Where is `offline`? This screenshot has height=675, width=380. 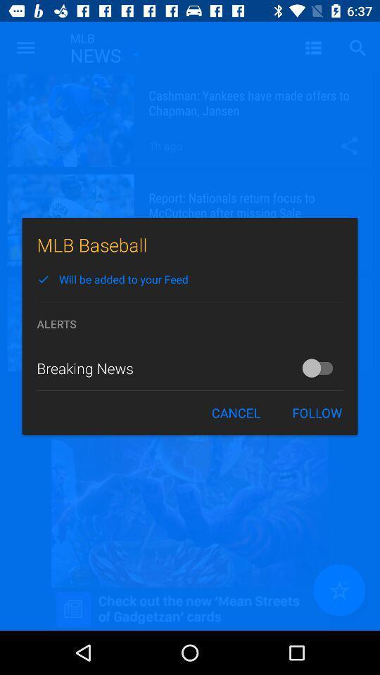 offline is located at coordinates (321, 367).